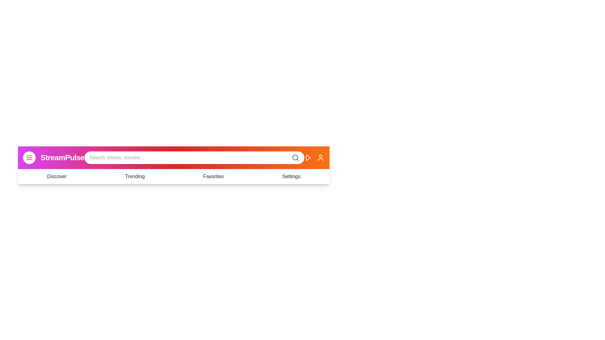 The height and width of the screenshot is (340, 605). I want to click on the navigation menu item Settings, so click(291, 176).